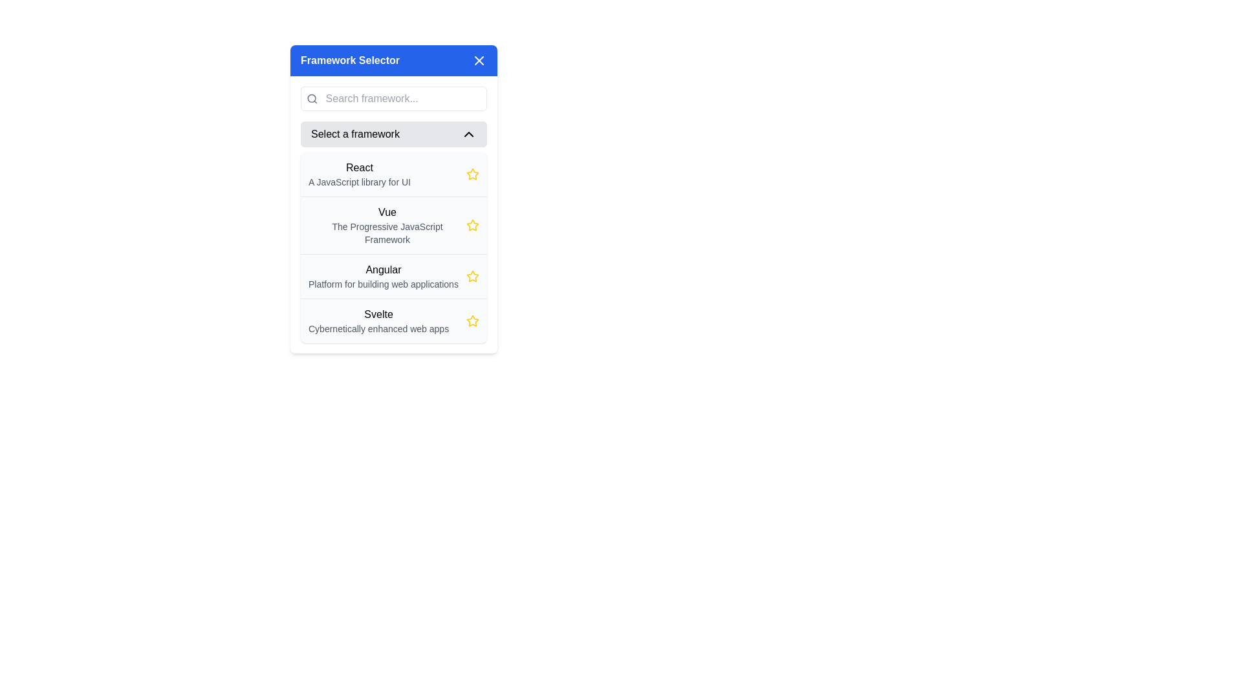  What do you see at coordinates (360, 182) in the screenshot?
I see `the text label that provides information about the 'React' framework, located beneath the 'React' title in the dropdown list` at bounding box center [360, 182].